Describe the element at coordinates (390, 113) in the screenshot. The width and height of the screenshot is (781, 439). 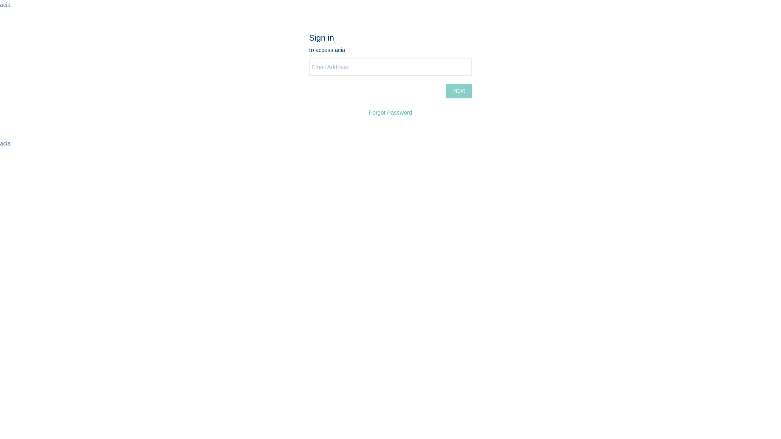
I see `'Forgot Password'` at that location.